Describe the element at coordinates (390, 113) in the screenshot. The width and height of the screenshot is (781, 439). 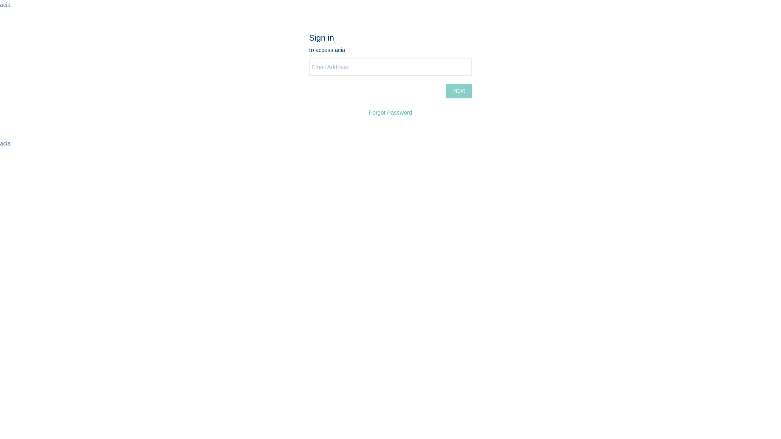
I see `'Forgot Password'` at that location.